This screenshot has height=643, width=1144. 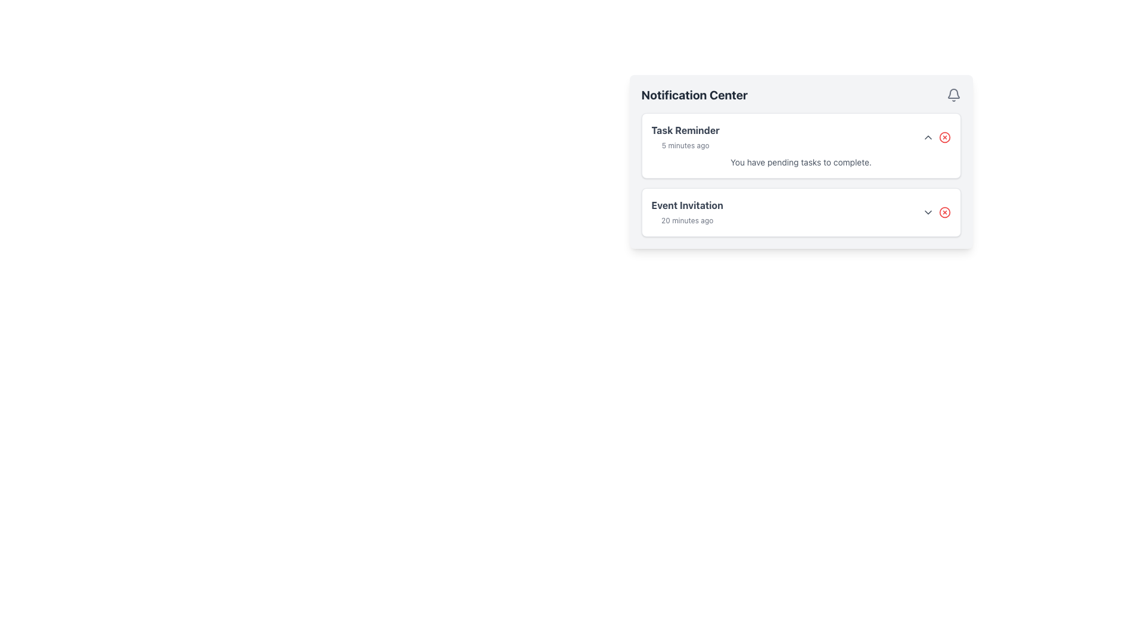 I want to click on the button located in the top-right corner of the 'Task Reminder' notification block, so click(x=927, y=137).